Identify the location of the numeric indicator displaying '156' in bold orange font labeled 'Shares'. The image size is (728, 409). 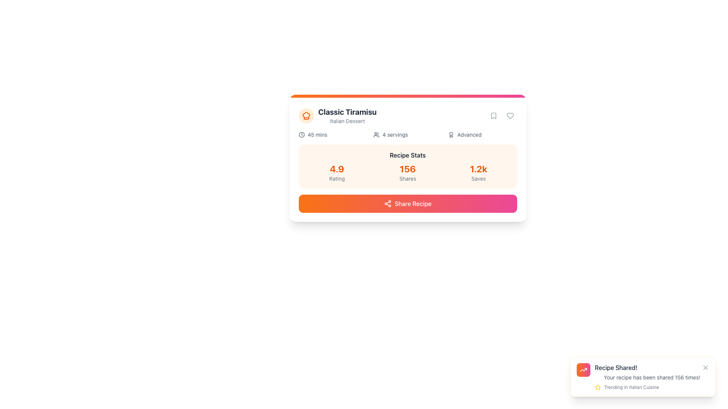
(407, 172).